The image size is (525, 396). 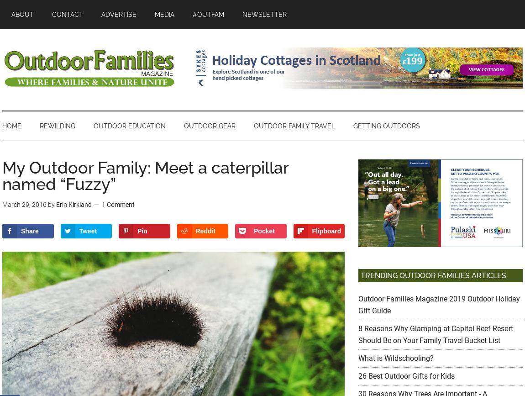 What do you see at coordinates (184, 126) in the screenshot?
I see `'OUTDOOR GEAR'` at bounding box center [184, 126].